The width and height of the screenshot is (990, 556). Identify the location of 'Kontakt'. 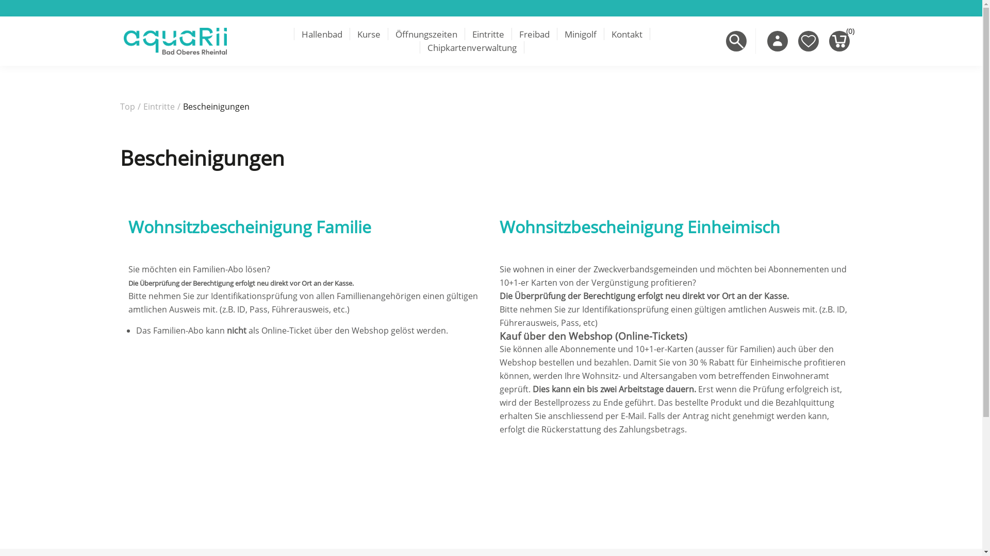
(625, 33).